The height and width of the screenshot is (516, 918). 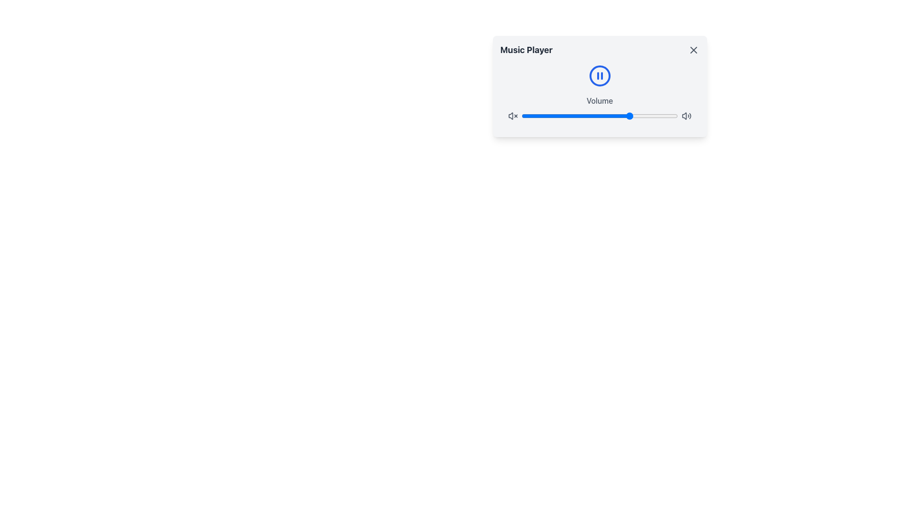 What do you see at coordinates (634, 116) in the screenshot?
I see `the volume` at bounding box center [634, 116].